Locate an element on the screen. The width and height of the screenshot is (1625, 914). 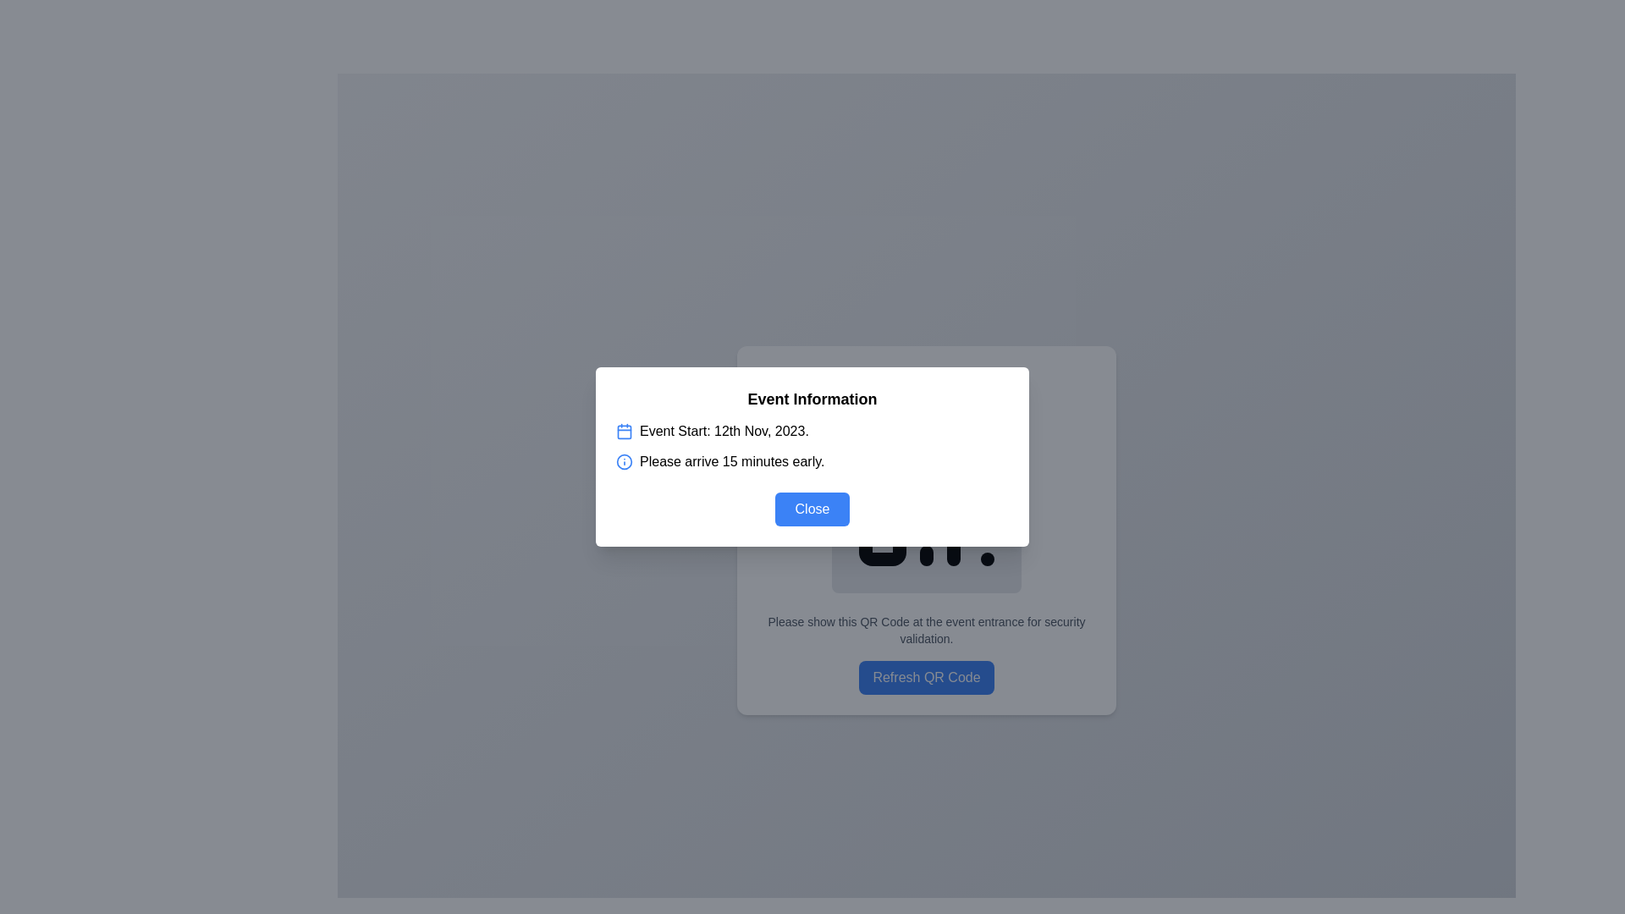
the Text Label that indicates the starting date of the event, positioned below the 'Event Information' heading in the popup dialog box is located at coordinates (724, 430).